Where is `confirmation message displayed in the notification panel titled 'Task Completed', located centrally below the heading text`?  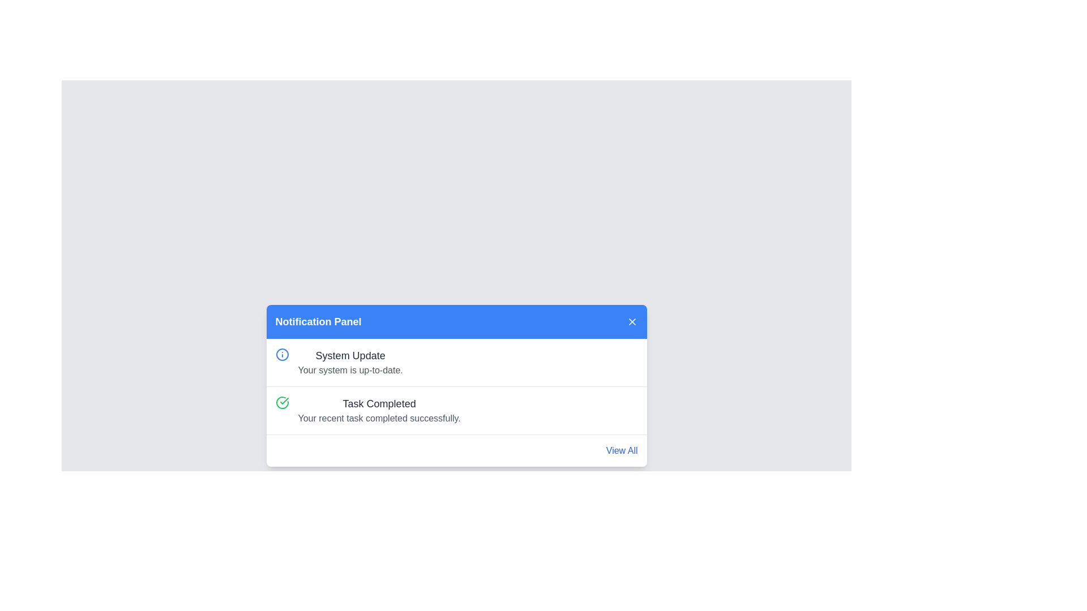 confirmation message displayed in the notification panel titled 'Task Completed', located centrally below the heading text is located at coordinates (379, 419).